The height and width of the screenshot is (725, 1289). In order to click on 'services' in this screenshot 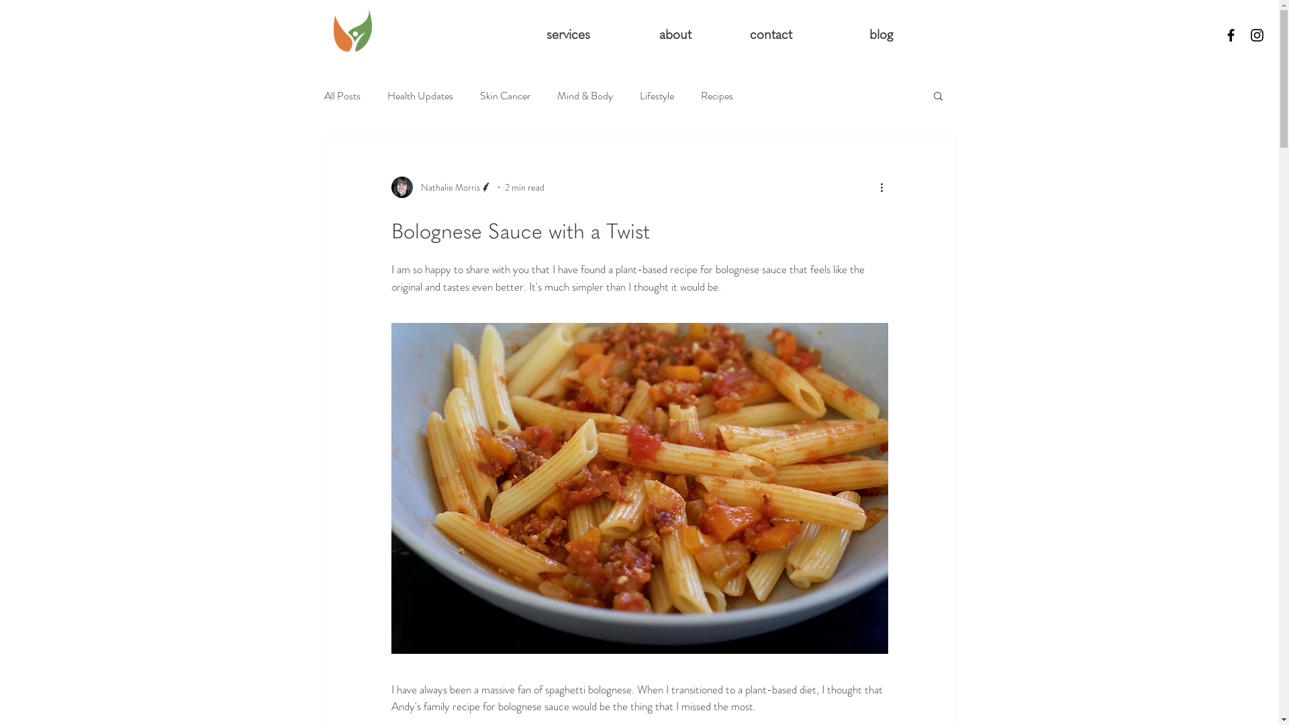, I will do `click(548, 33)`.